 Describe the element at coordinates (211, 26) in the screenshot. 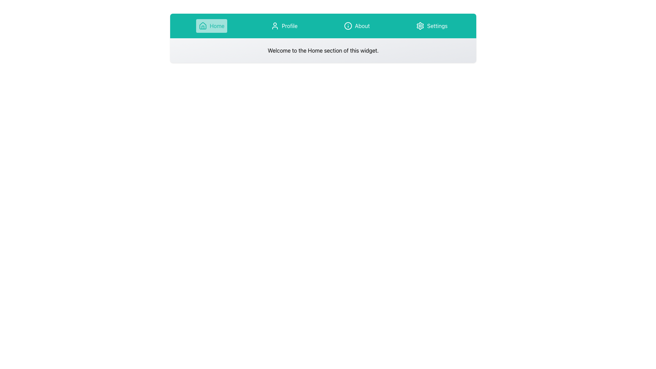

I see `the navigation button that redirects users to the home section of the application, positioned as the first button from the left in the navigation bar` at that location.